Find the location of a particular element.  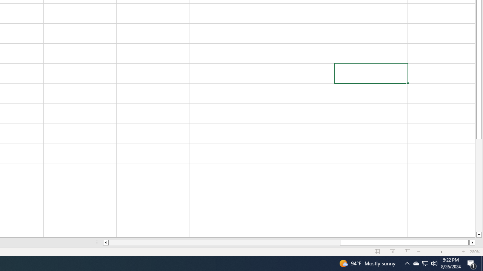

'Column right' is located at coordinates (472, 242).